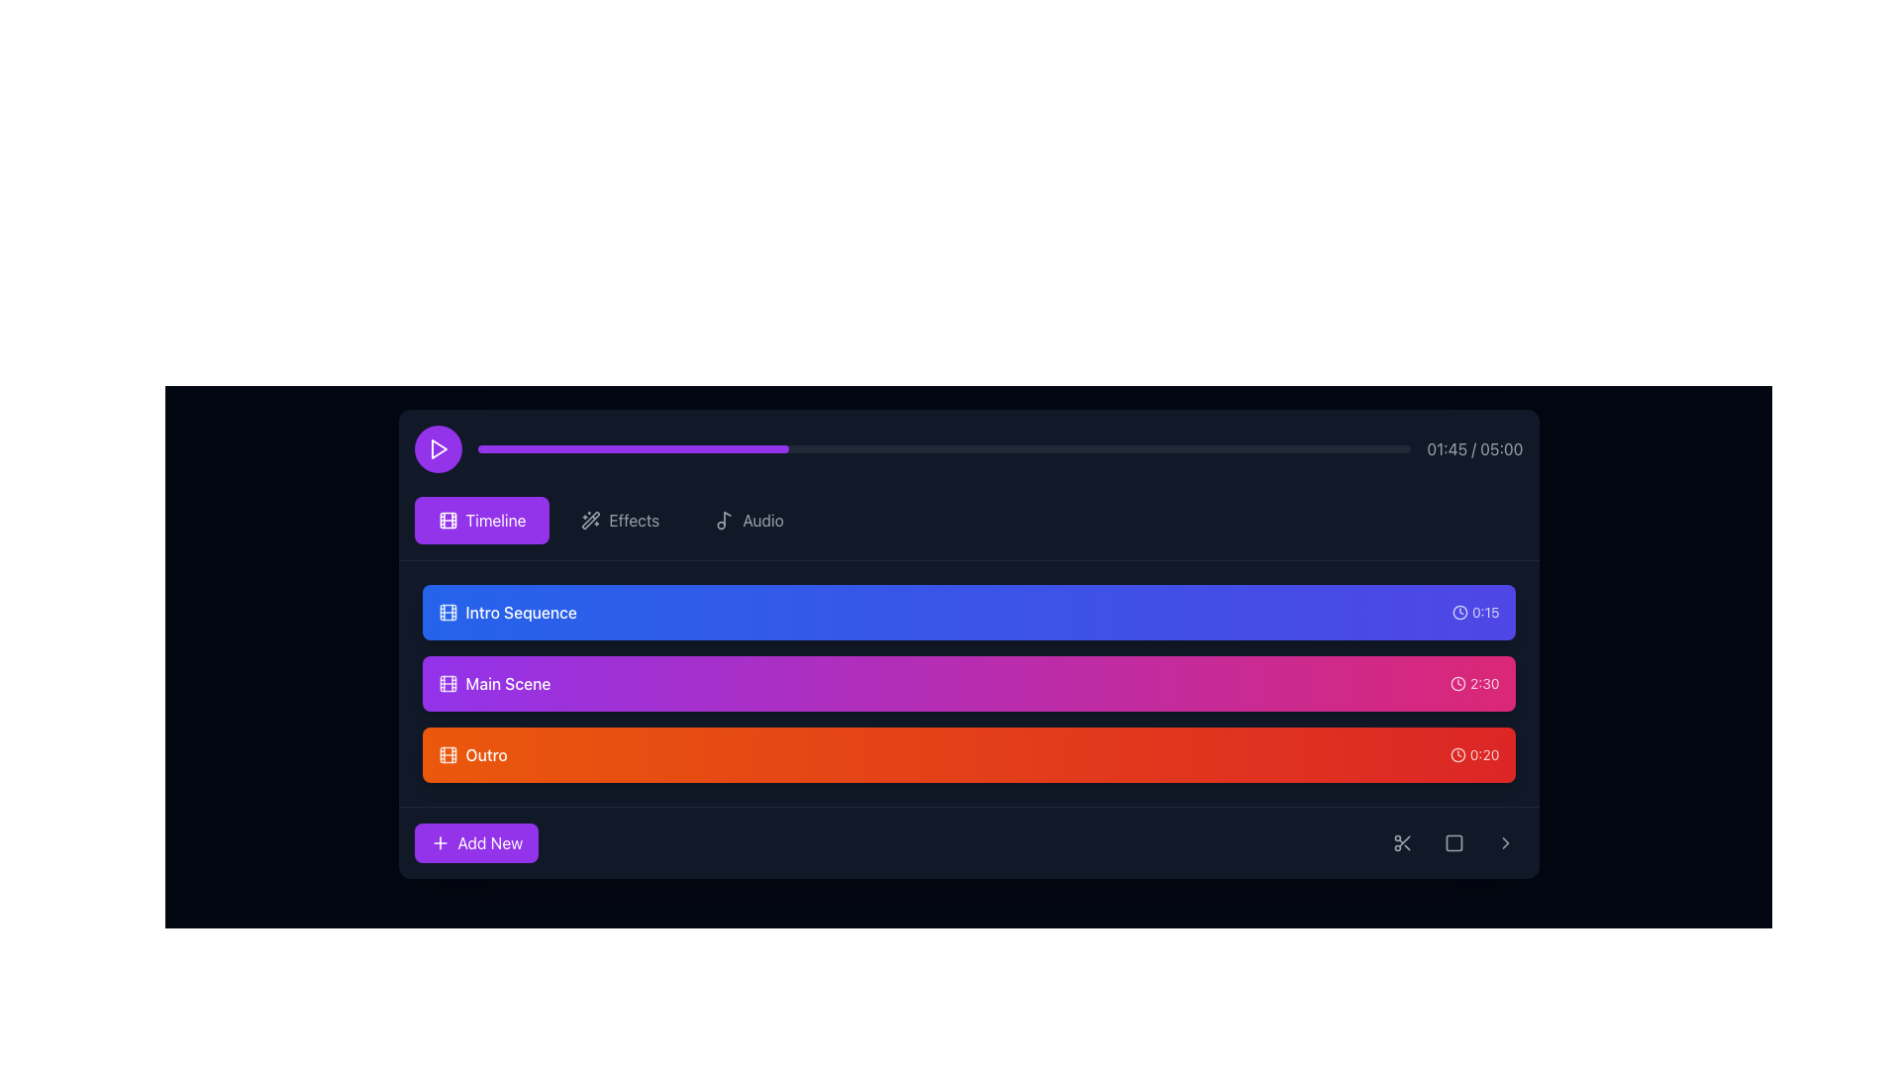 Image resolution: width=1901 pixels, height=1069 pixels. I want to click on the triangular play icon with a purple fill located at the top-left corner of the panel for keyboard navigation, so click(438, 449).